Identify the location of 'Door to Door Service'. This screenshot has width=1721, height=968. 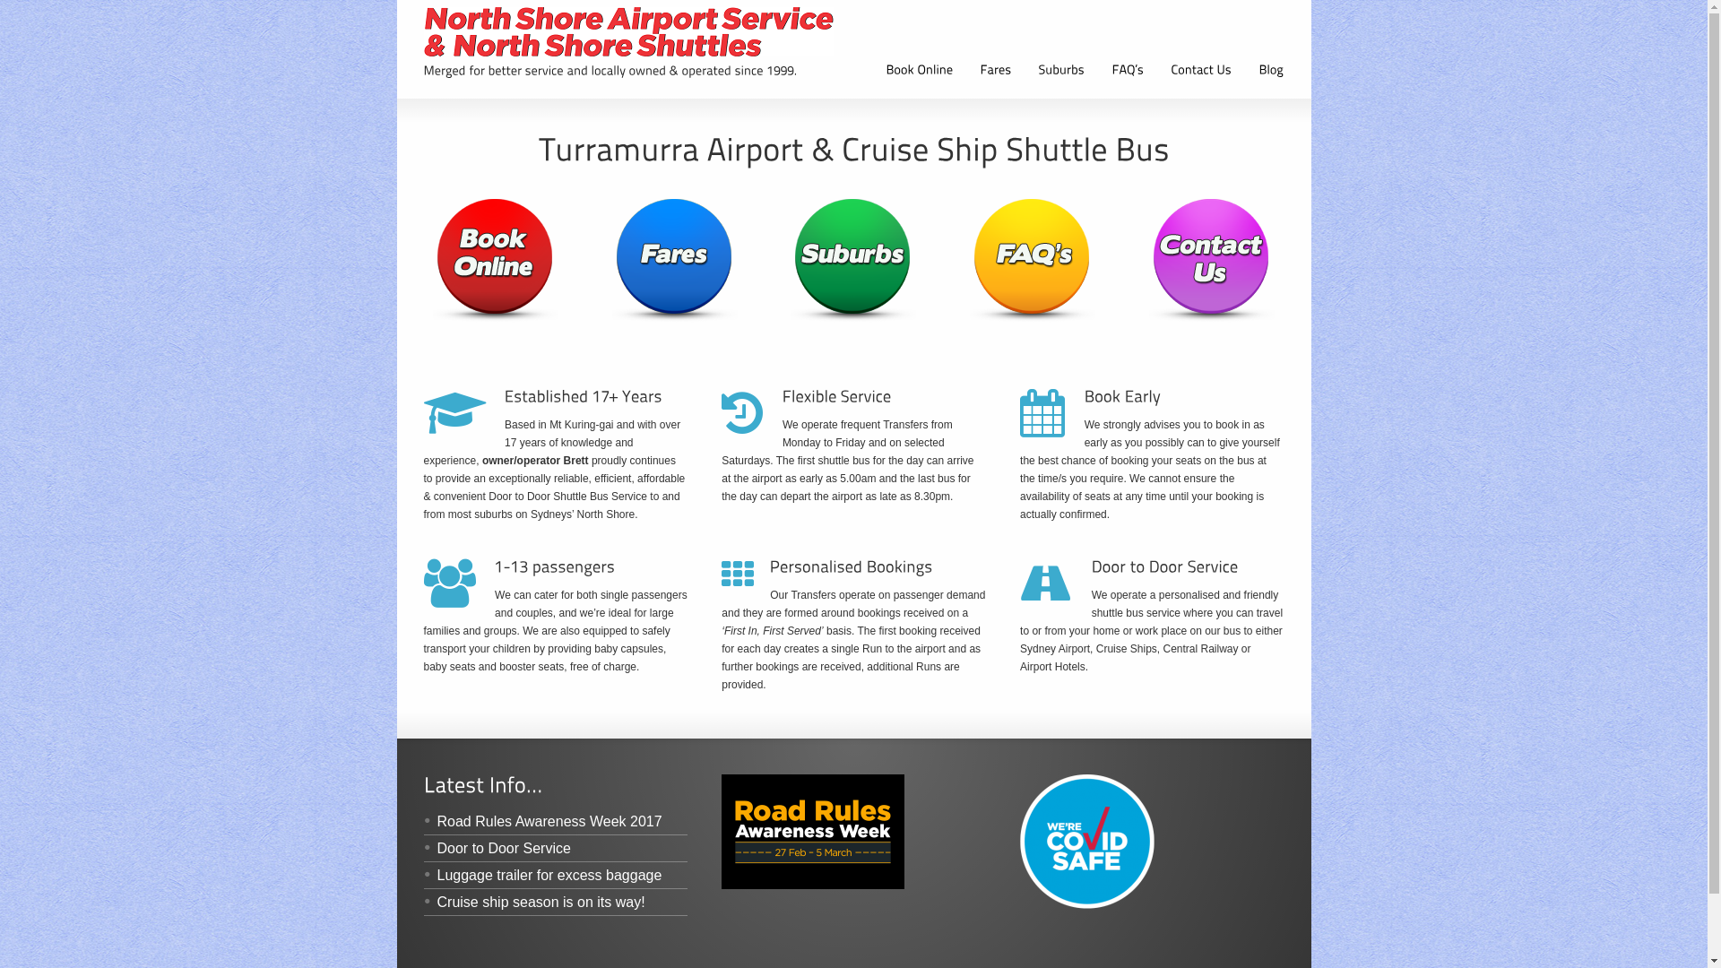
(496, 847).